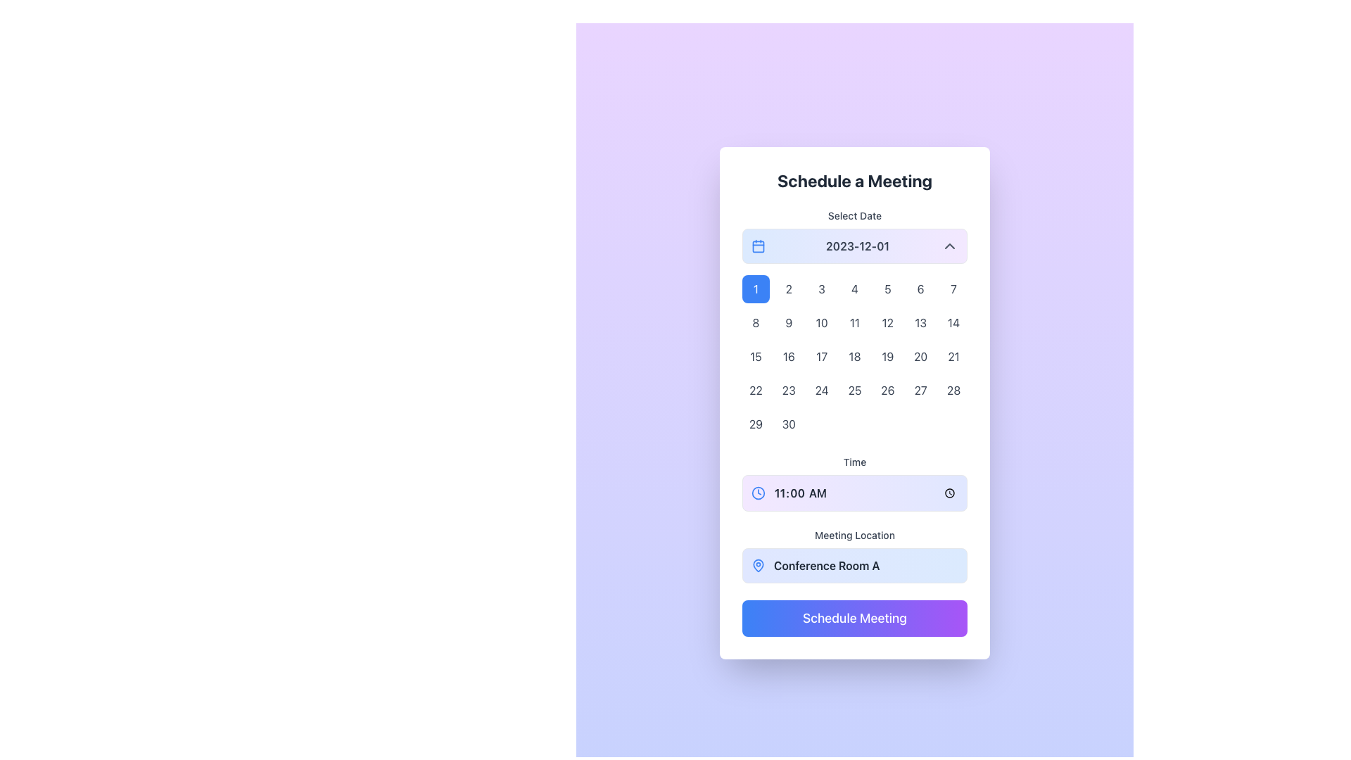 The image size is (1351, 760). What do you see at coordinates (789, 423) in the screenshot?
I see `the rectangular button displaying the text '30' in gray` at bounding box center [789, 423].